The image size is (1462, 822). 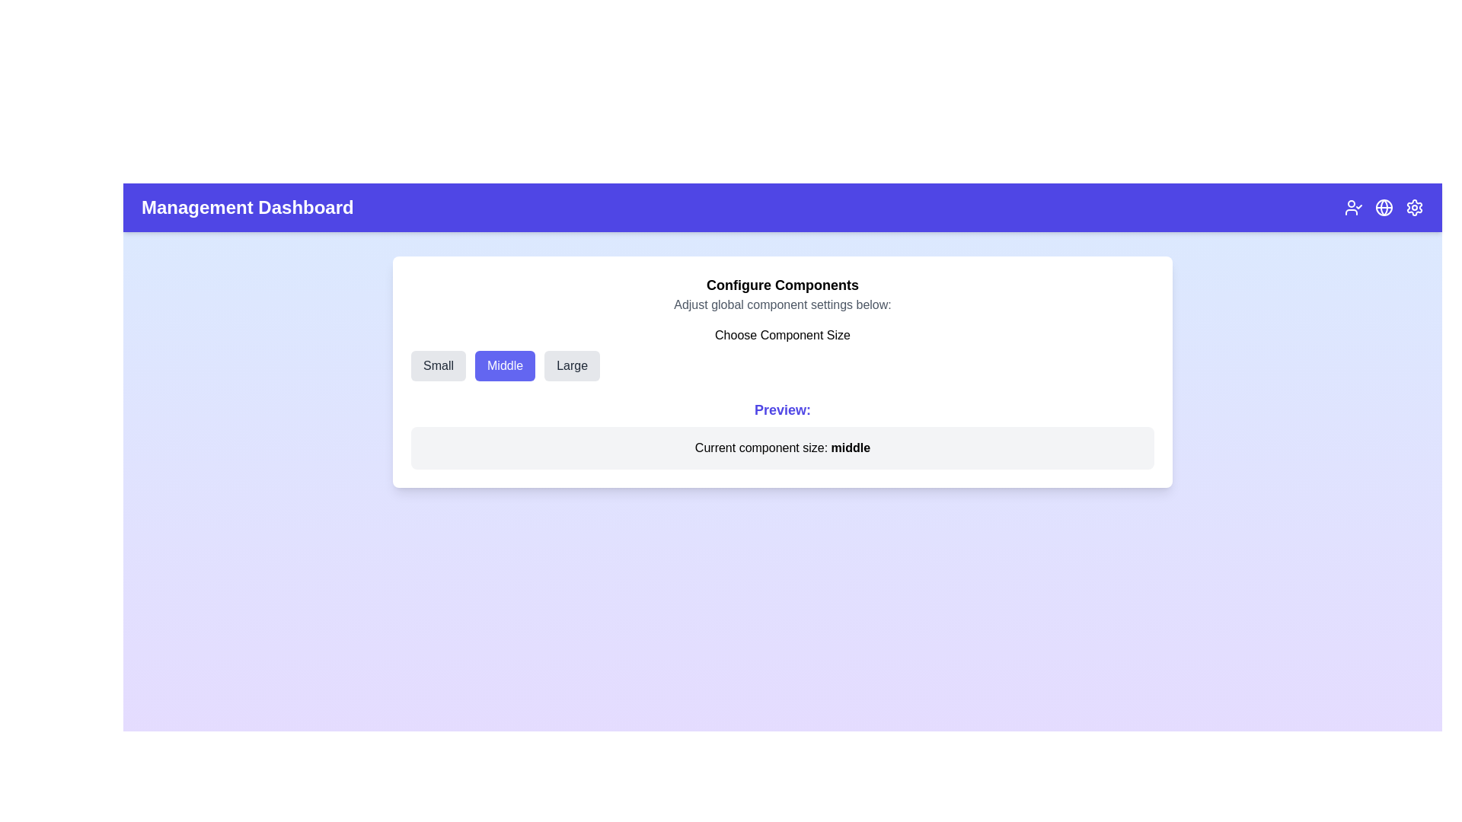 I want to click on the 'Large' size button located in the row of size options beneath the 'Choose Component Size' header, so click(x=571, y=366).